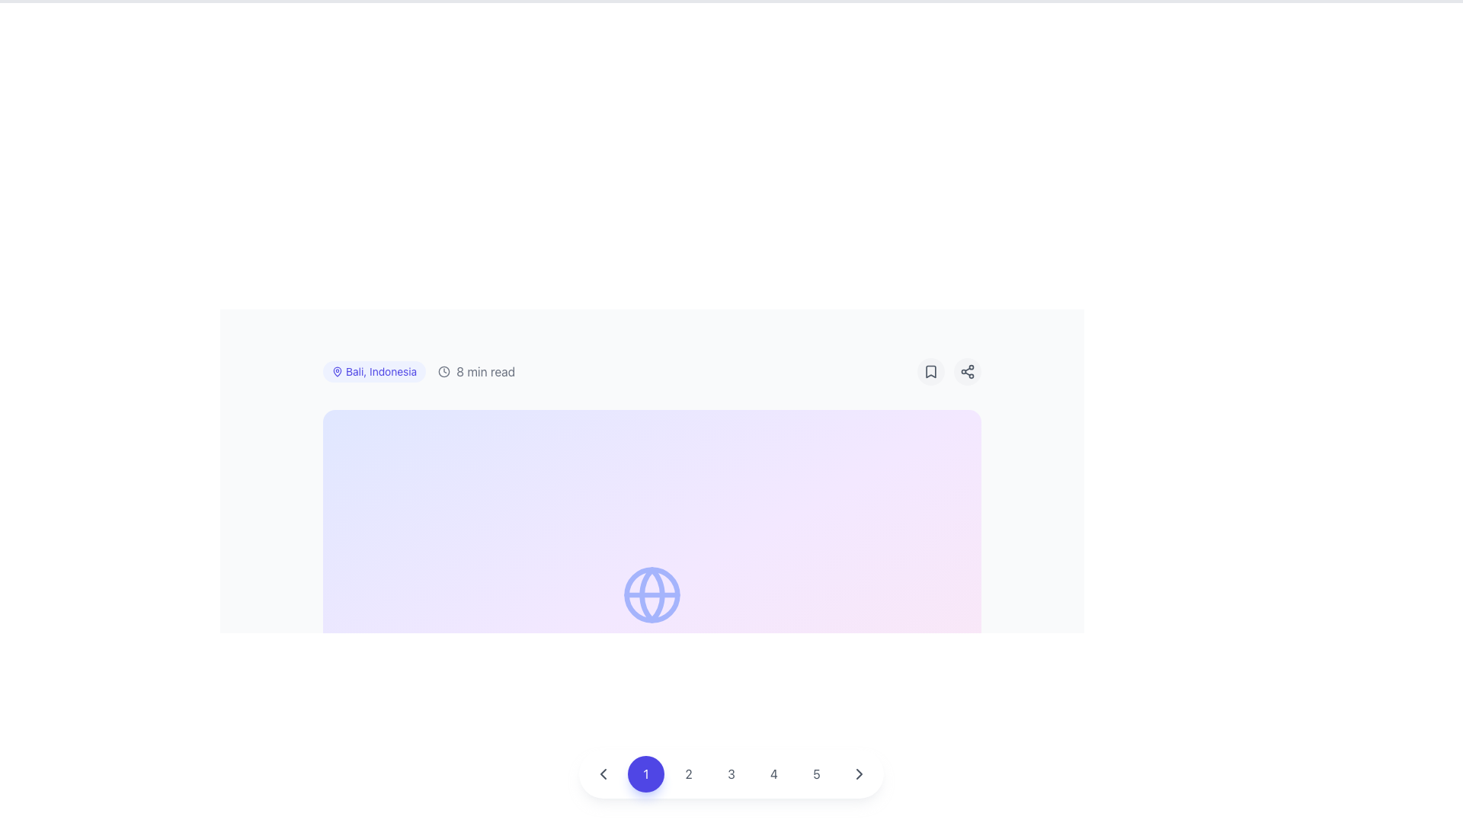 This screenshot has height=823, width=1463. Describe the element at coordinates (381, 372) in the screenshot. I see `the text label displaying 'Bali, Indonesia'` at that location.